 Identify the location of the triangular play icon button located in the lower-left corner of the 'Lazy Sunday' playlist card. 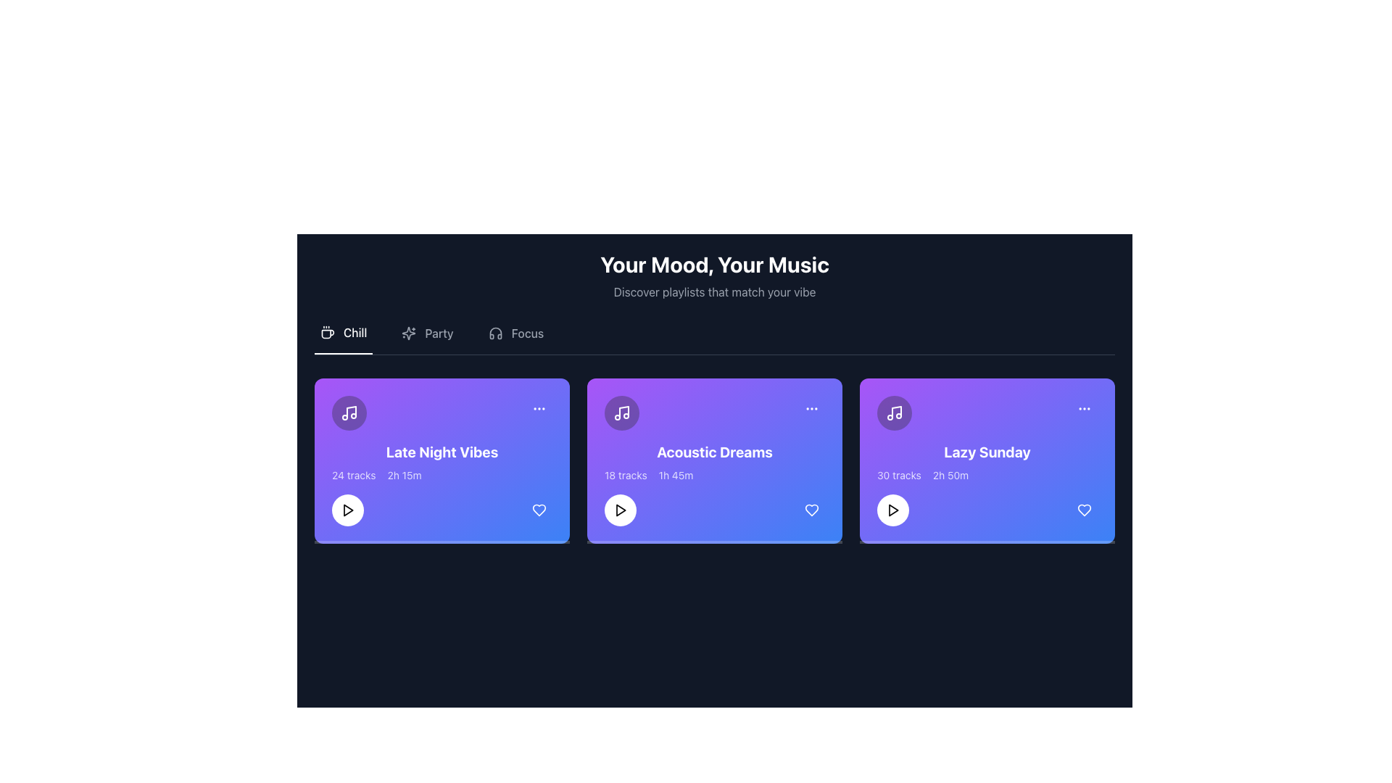
(892, 510).